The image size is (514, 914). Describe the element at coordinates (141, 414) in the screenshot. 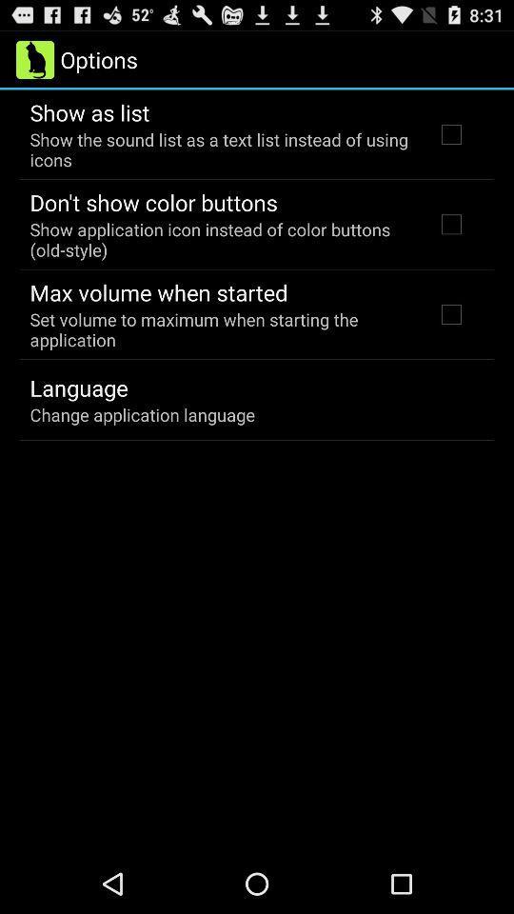

I see `app below the language` at that location.